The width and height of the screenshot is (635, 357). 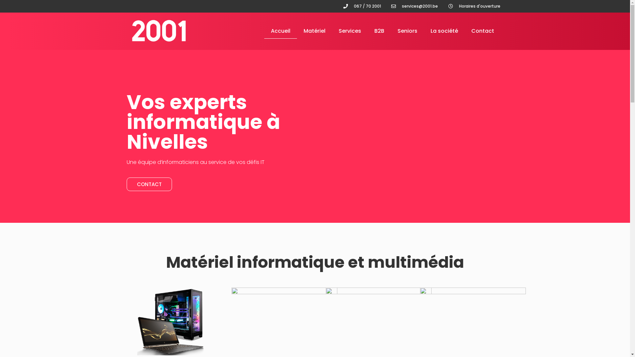 I want to click on 'B2B', so click(x=379, y=31).